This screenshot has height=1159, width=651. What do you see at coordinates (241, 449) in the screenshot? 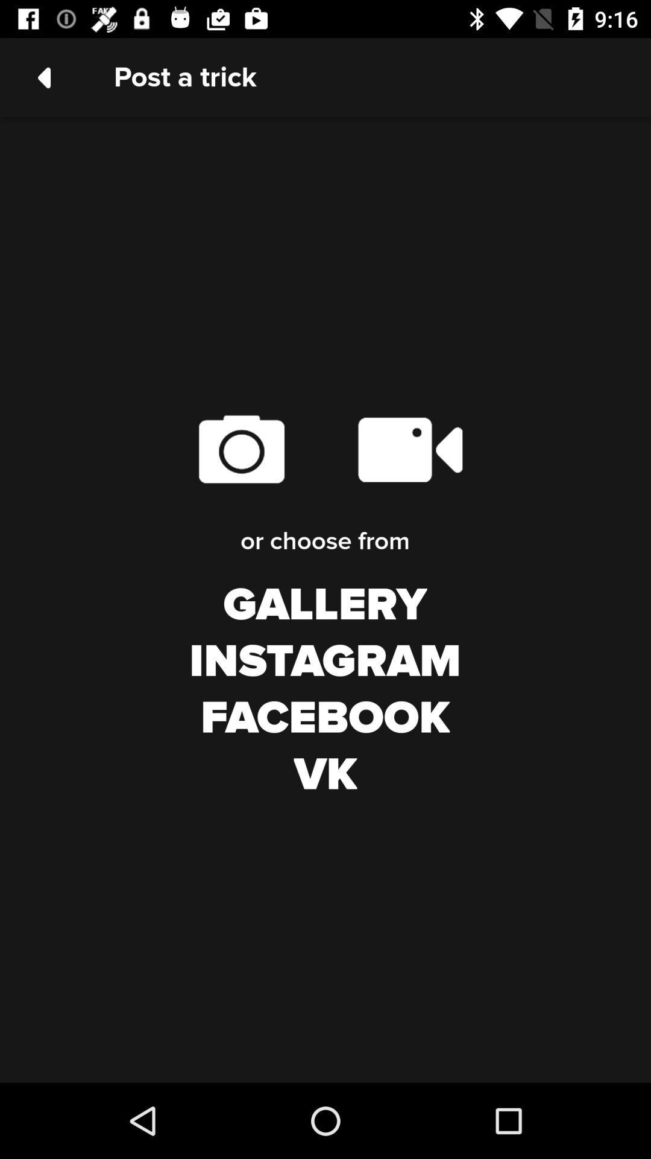
I see `item above or choose from item` at bounding box center [241, 449].